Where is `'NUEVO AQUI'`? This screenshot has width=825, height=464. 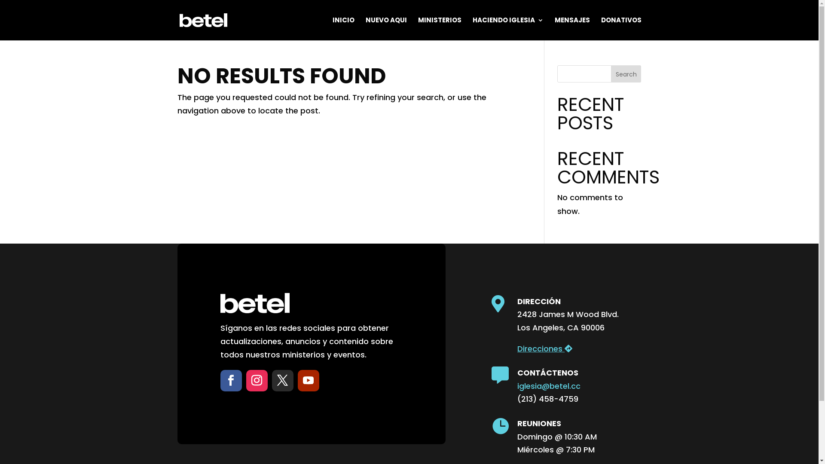
'NUEVO AQUI' is located at coordinates (365, 28).